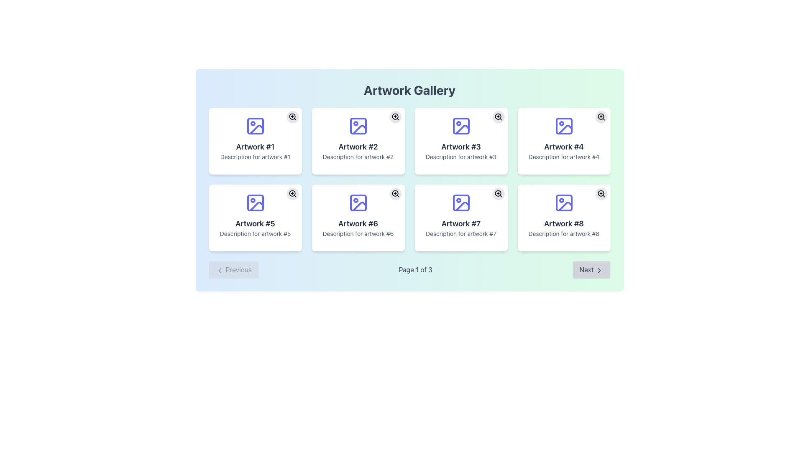  What do you see at coordinates (460, 223) in the screenshot?
I see `static text label that serves as the title of the artwork card, located in the second row and third card from the left` at bounding box center [460, 223].